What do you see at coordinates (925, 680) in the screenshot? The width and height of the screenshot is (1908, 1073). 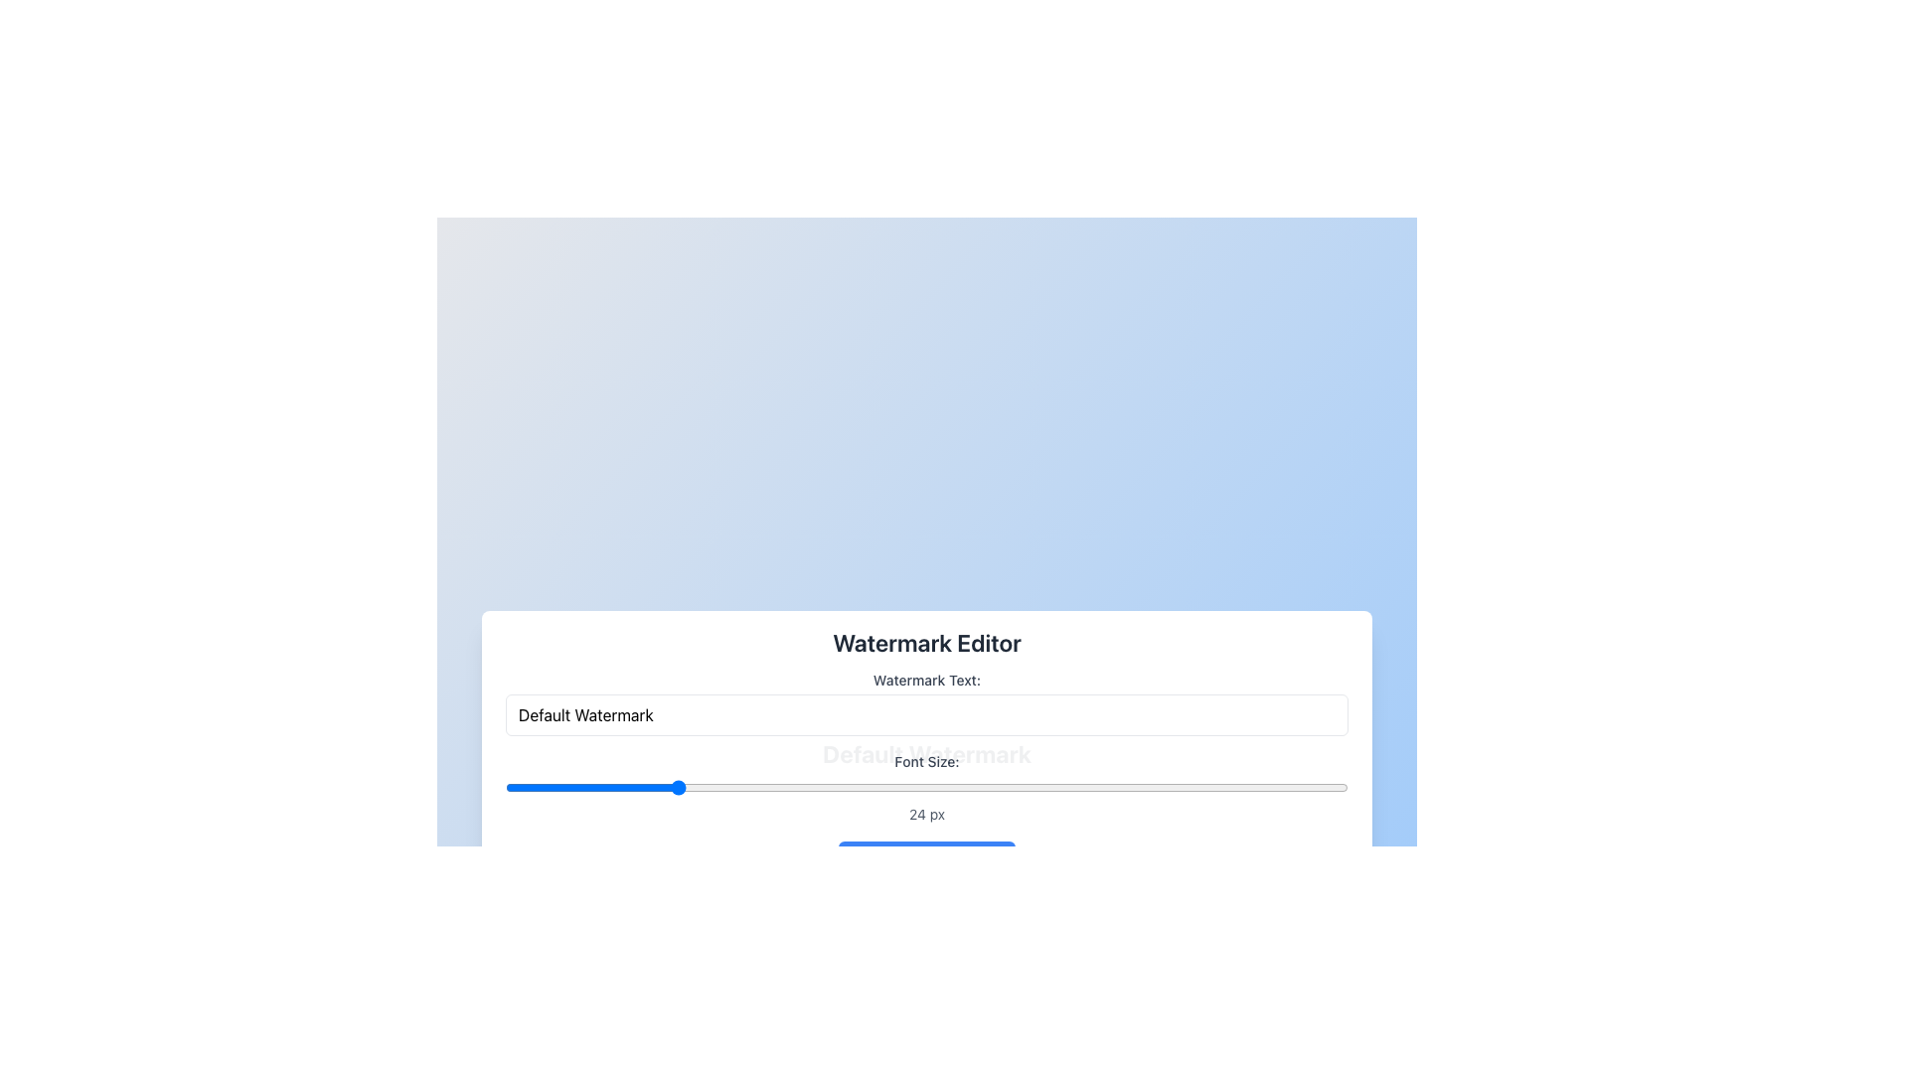 I see `the text label displaying 'Watermark Text:' which is styled in medium-bold gray font and located above the input field for watermark text` at bounding box center [925, 680].